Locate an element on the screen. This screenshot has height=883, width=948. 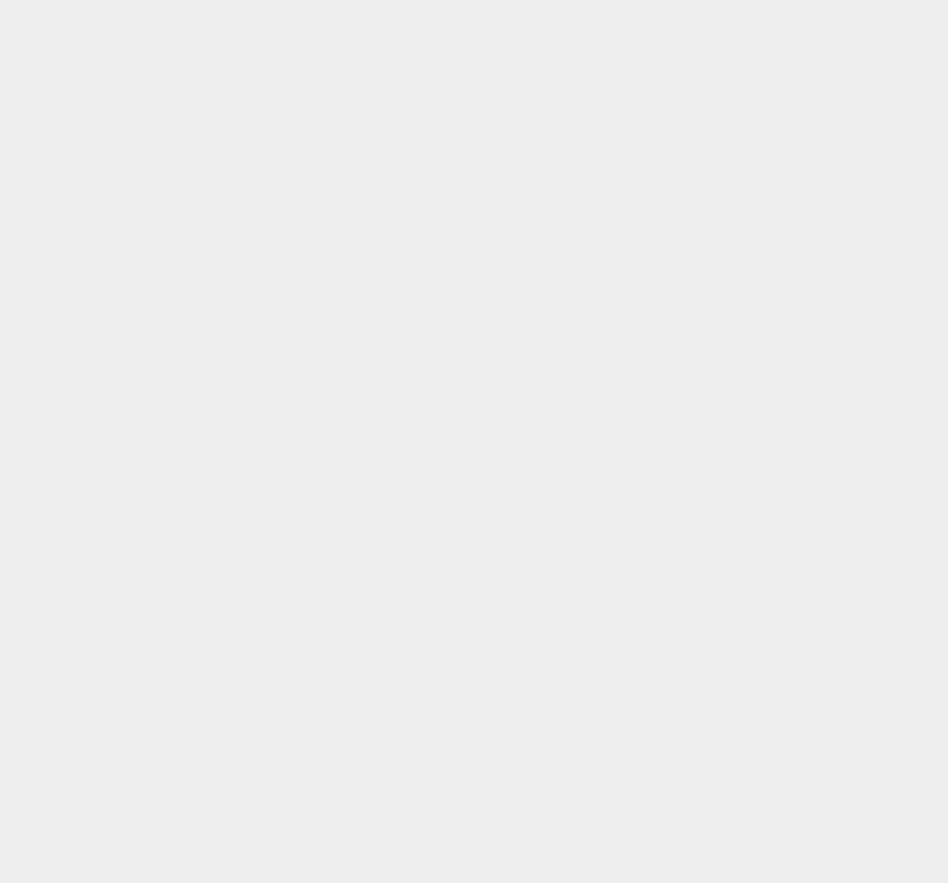
'HP' is located at coordinates (677, 808).